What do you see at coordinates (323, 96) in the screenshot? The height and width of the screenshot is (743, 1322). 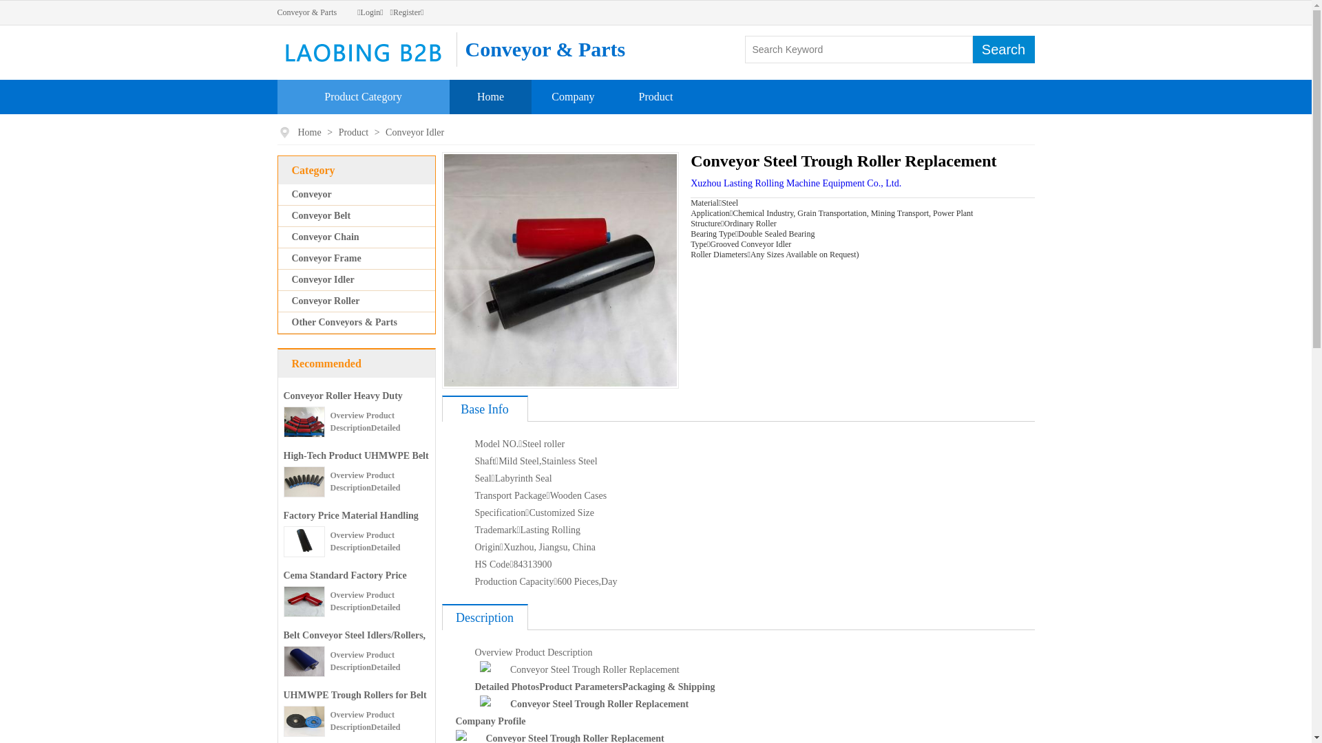 I see `'Product Category'` at bounding box center [323, 96].